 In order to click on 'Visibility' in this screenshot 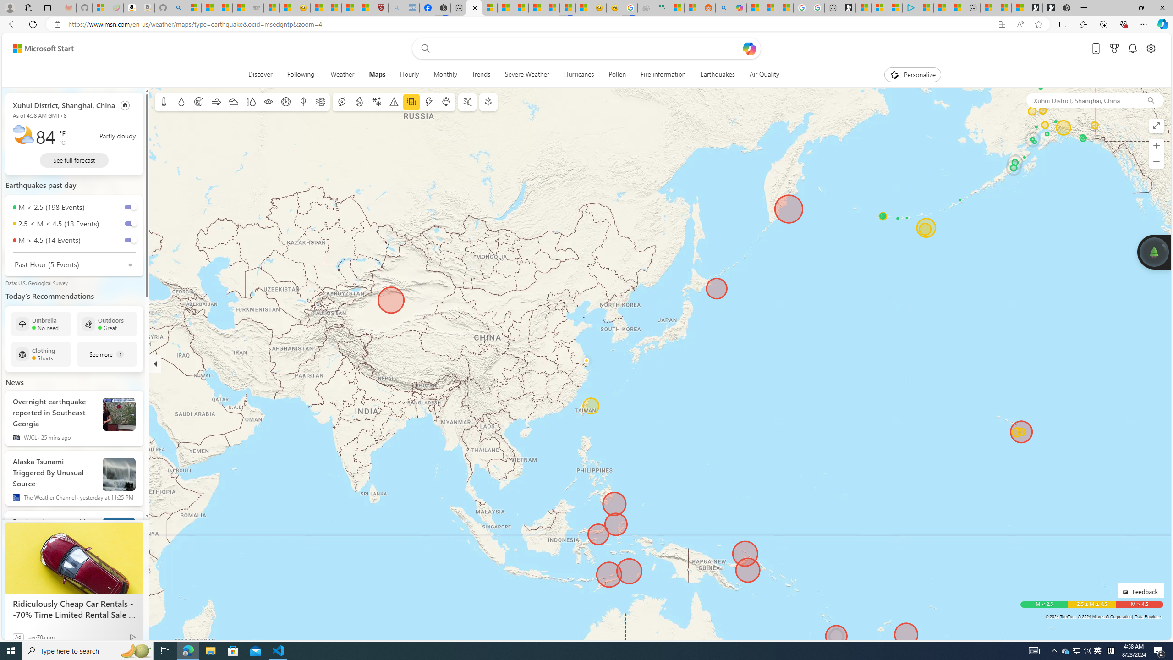, I will do `click(269, 102)`.